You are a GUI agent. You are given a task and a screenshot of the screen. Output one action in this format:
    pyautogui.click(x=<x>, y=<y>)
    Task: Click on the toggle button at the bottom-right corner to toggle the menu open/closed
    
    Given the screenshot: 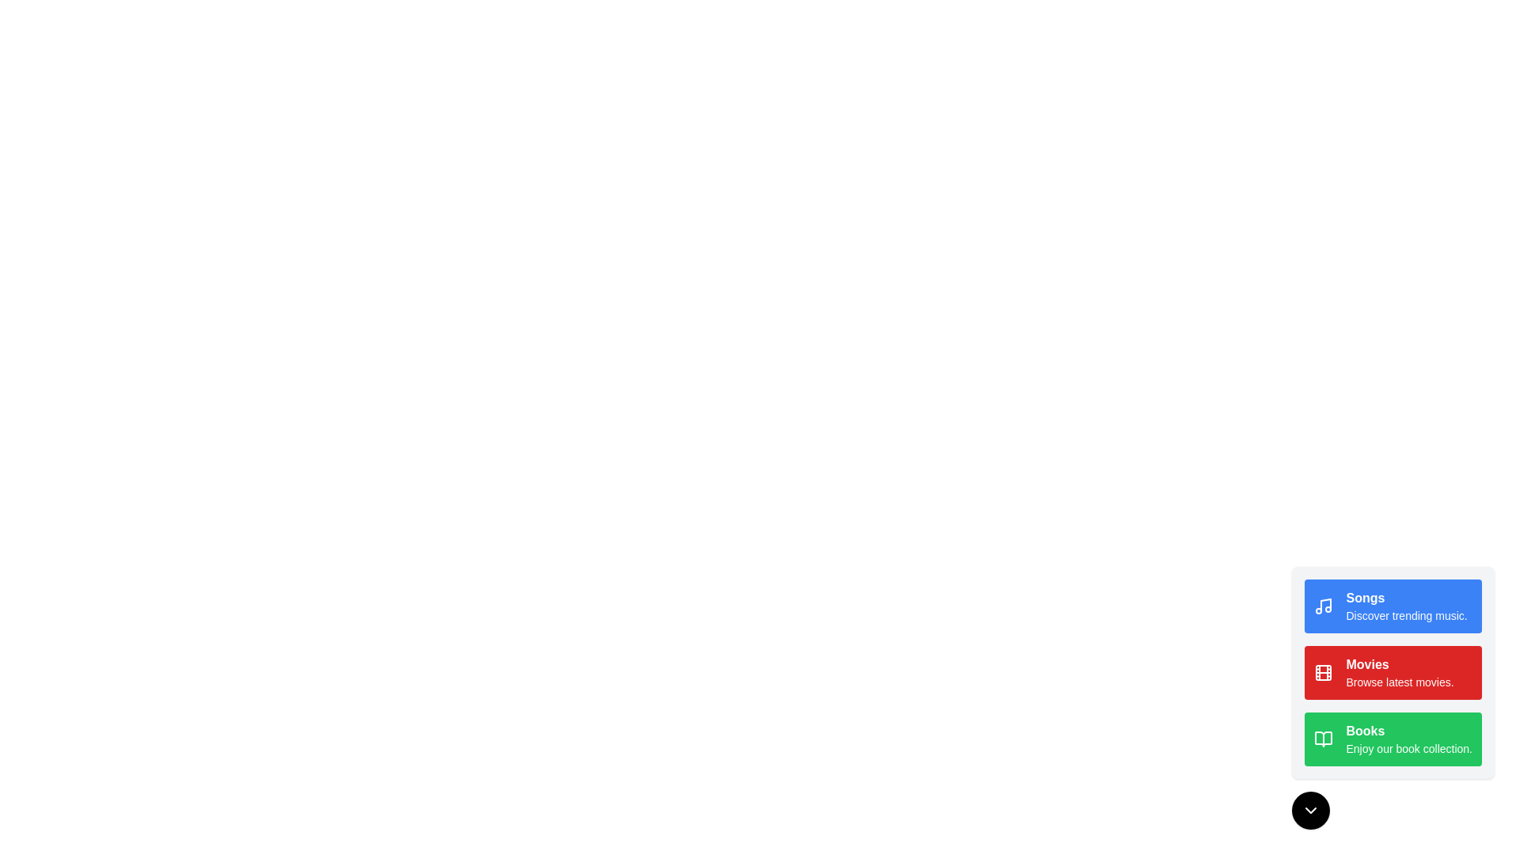 What is the action you would take?
    pyautogui.click(x=1311, y=810)
    